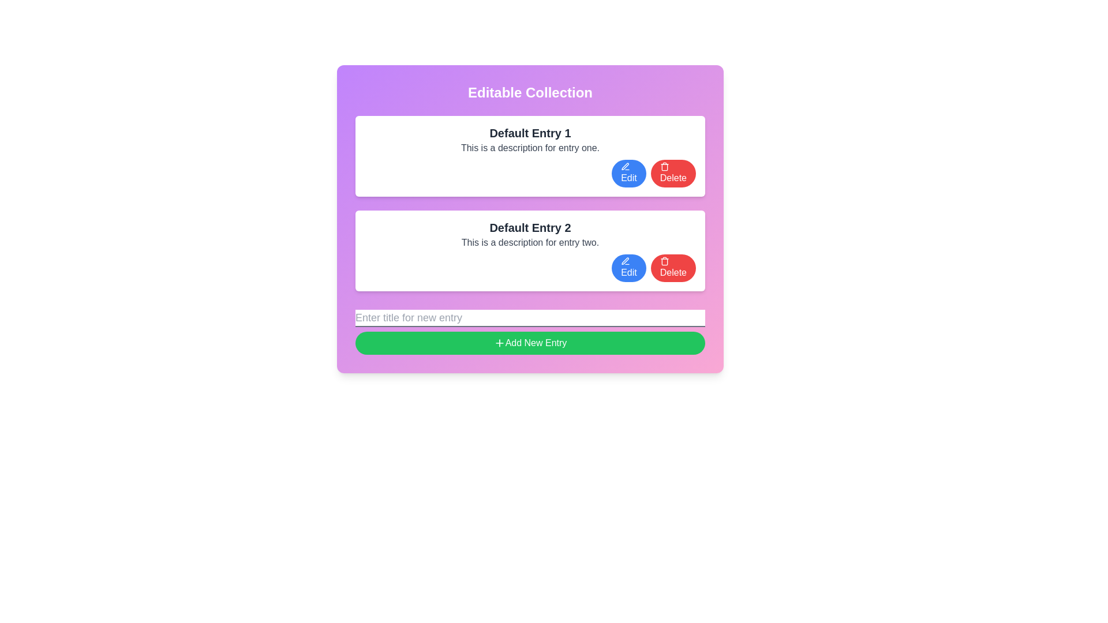  What do you see at coordinates (624, 166) in the screenshot?
I see `the 'Edit' button with the pen icon, which is circular with a blue background and located to the right of 'Default Entry 1'` at bounding box center [624, 166].